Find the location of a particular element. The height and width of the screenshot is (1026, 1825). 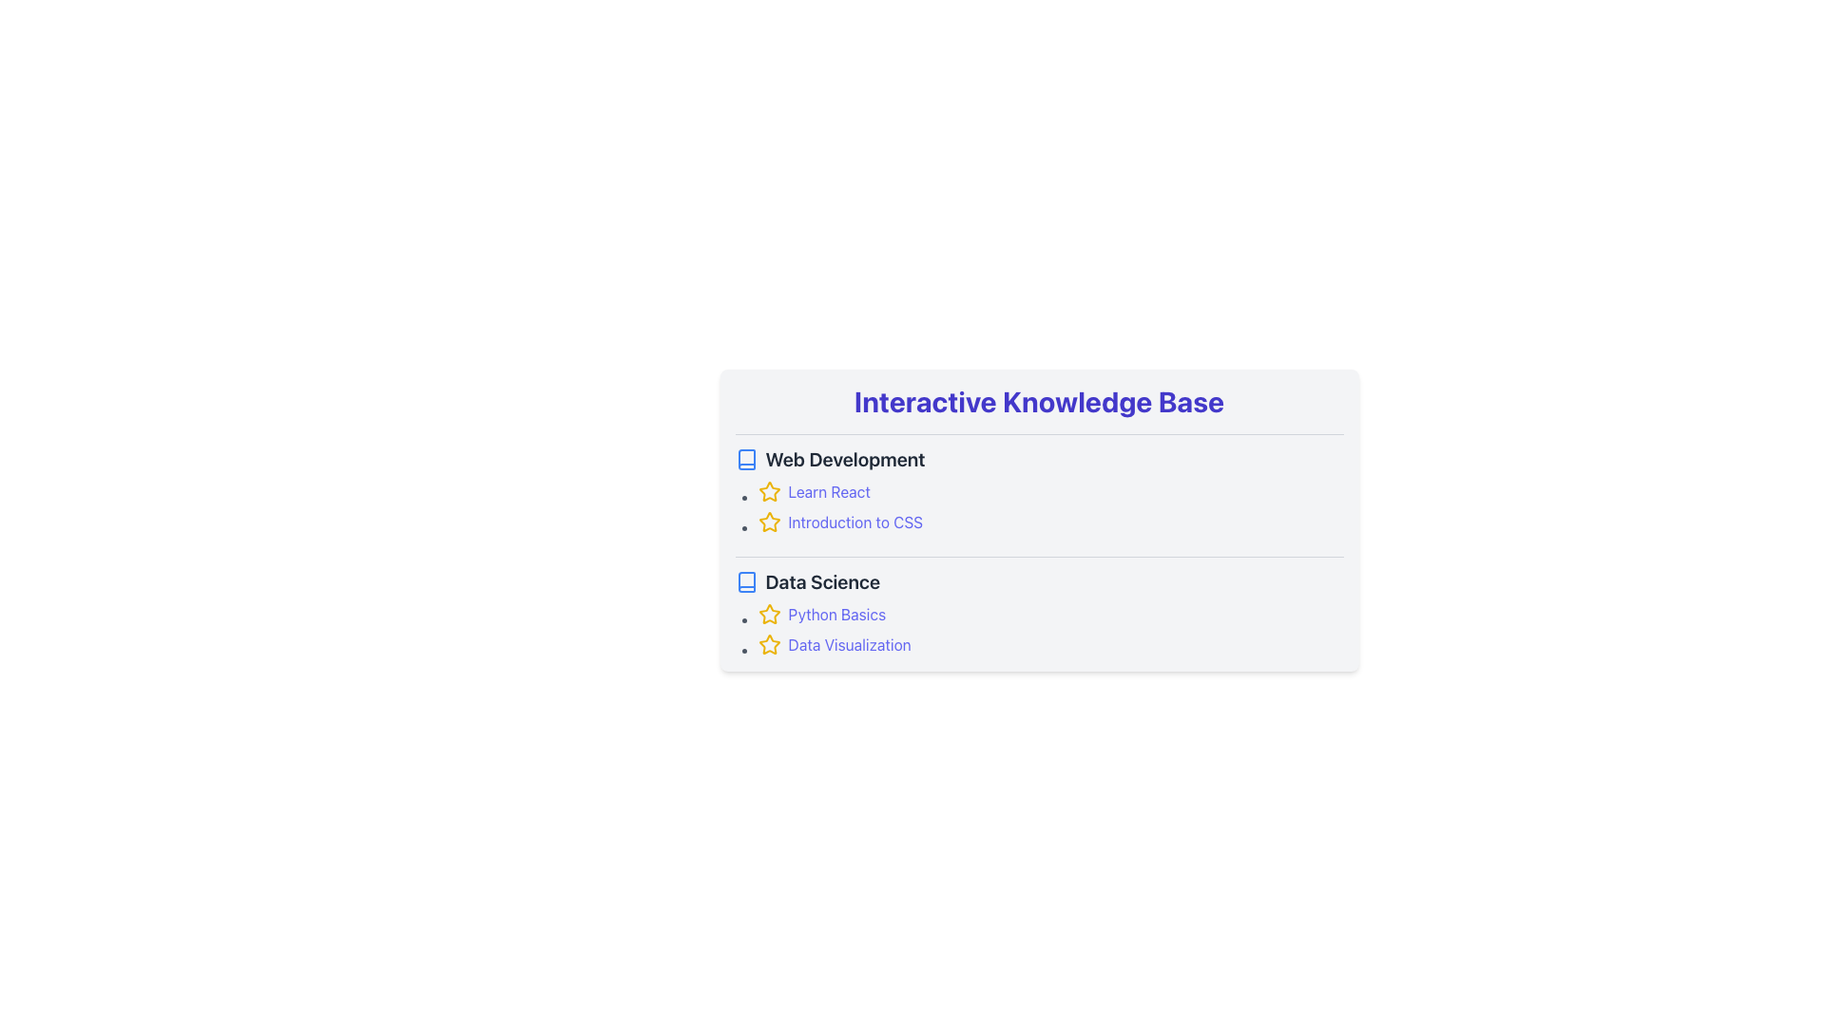

the yellow star-shaped icon with a bold outline located to the left of the text 'Learn React' in the 'Web Development' section is located at coordinates (769, 614).